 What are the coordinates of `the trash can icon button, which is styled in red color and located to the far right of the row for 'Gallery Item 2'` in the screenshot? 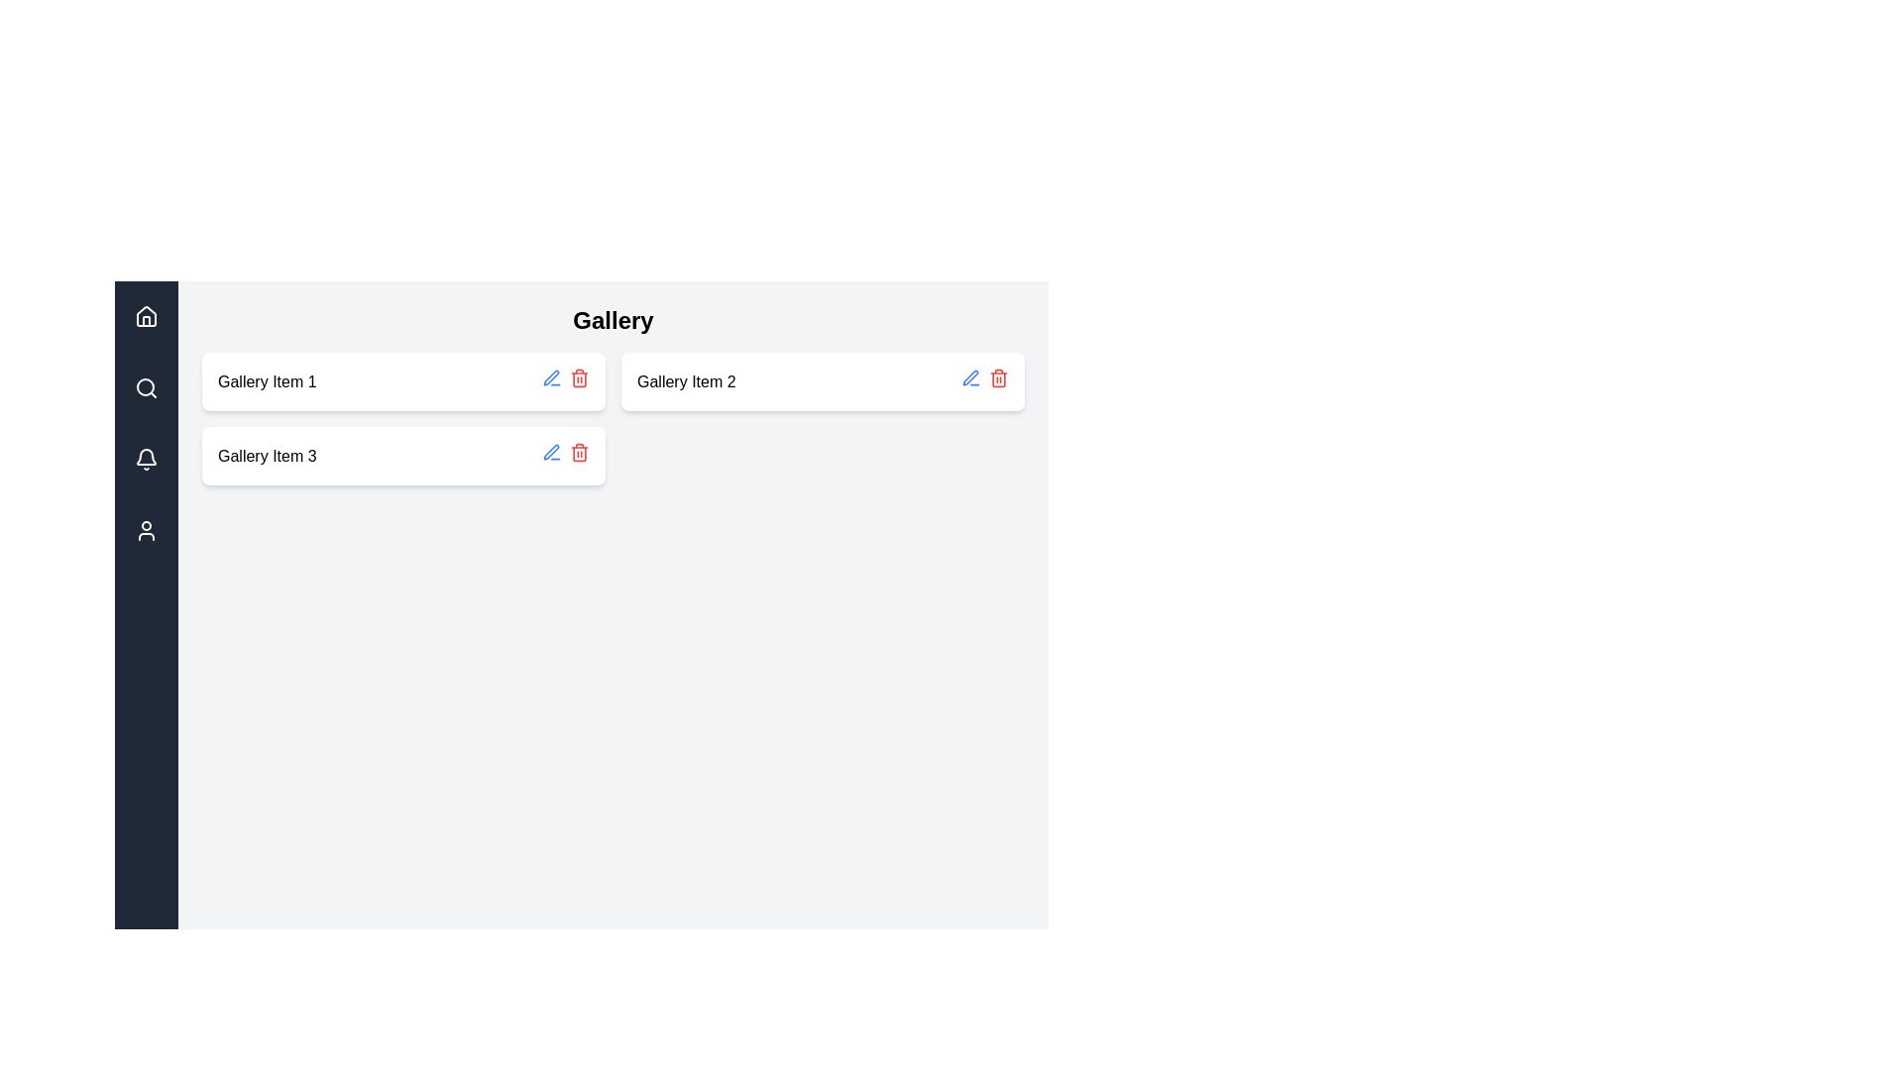 It's located at (999, 377).